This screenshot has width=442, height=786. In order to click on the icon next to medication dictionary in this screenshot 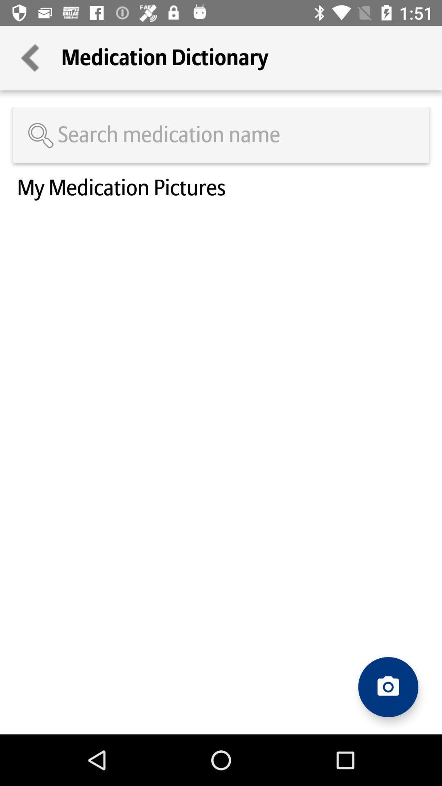, I will do `click(30, 57)`.